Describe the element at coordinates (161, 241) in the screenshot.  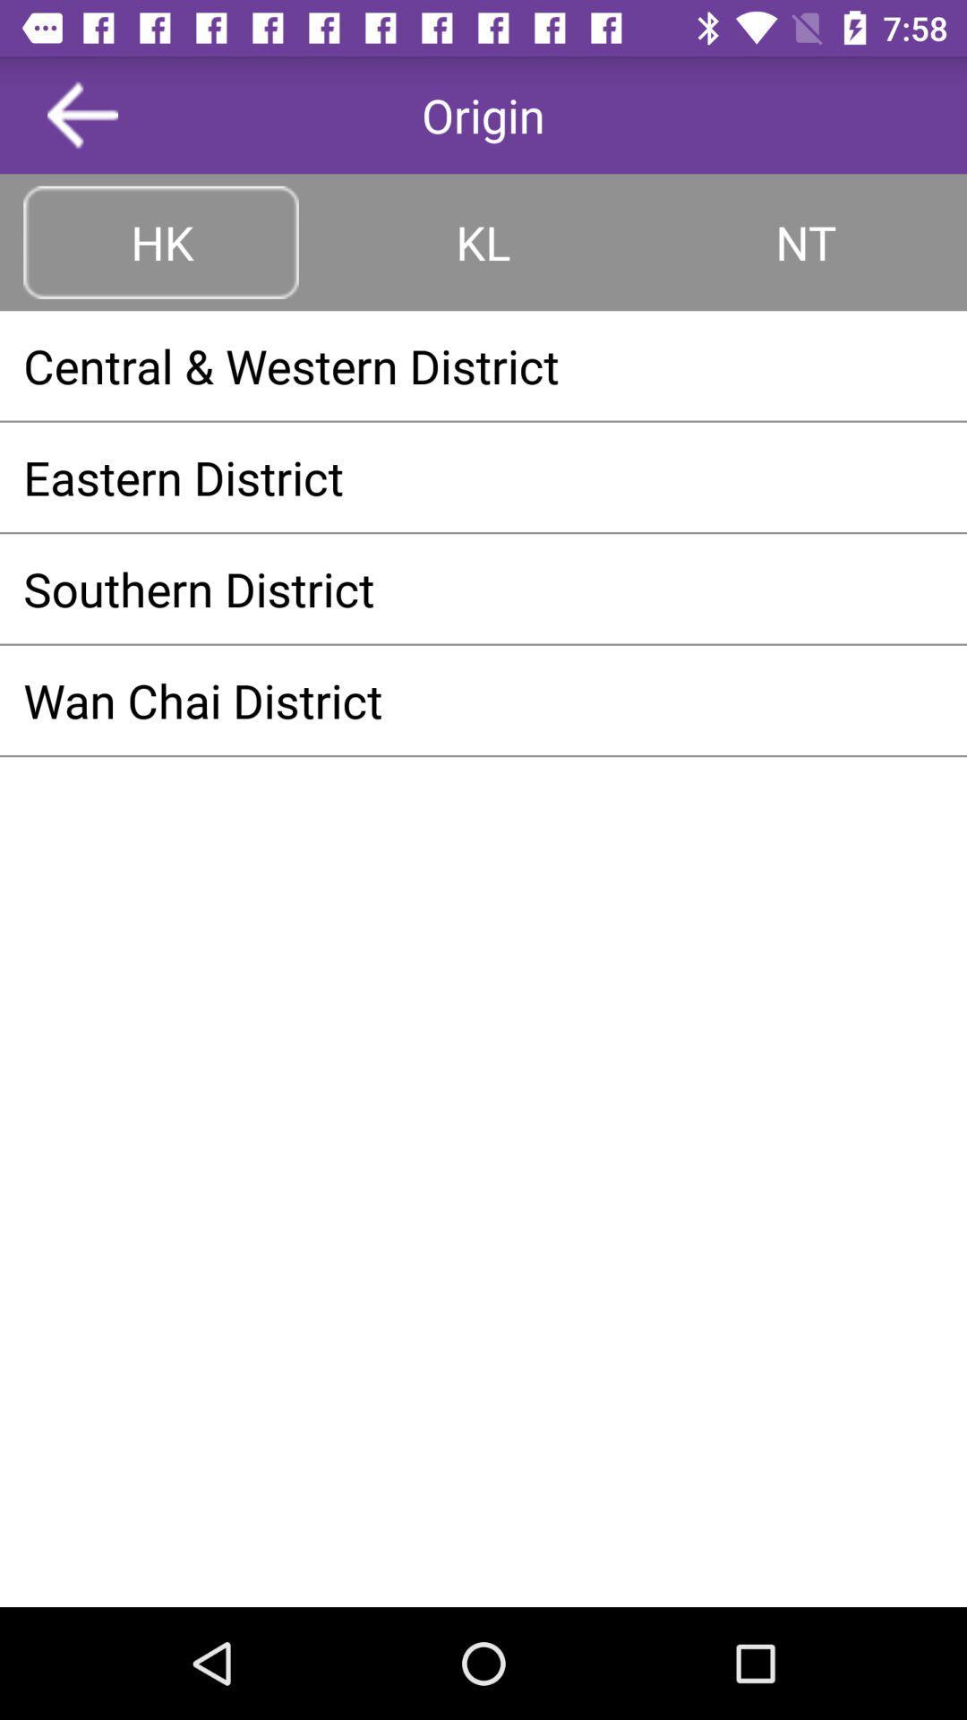
I see `icon above the central & western district item` at that location.